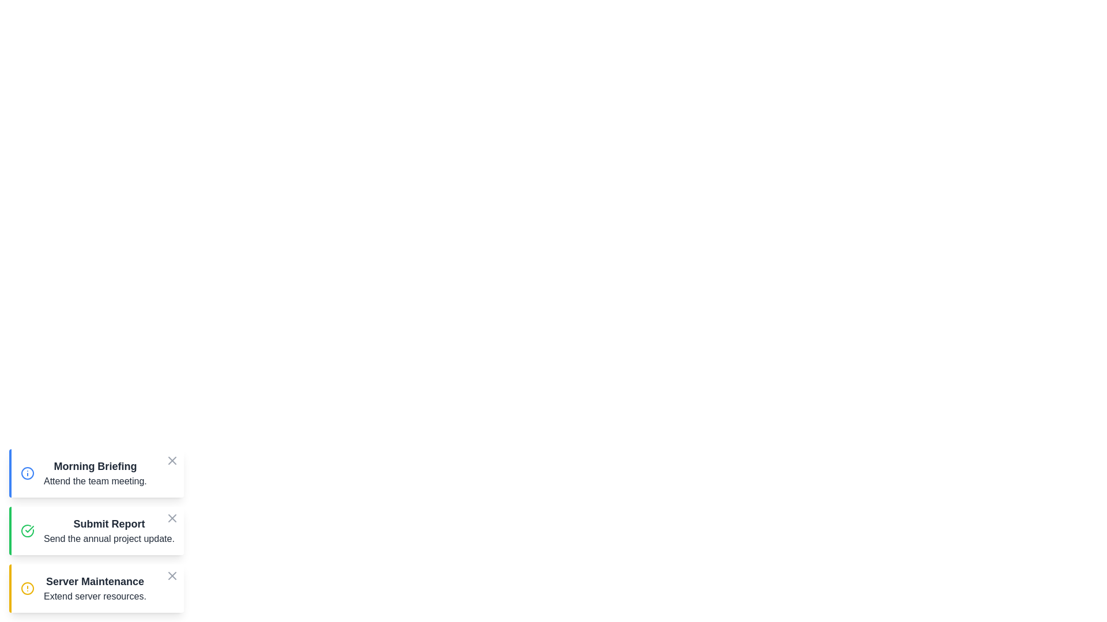 Image resolution: width=1107 pixels, height=622 pixels. Describe the element at coordinates (171, 517) in the screenshot. I see `the Close button located at the top-right corner of the 'Submit Report' card` at that location.